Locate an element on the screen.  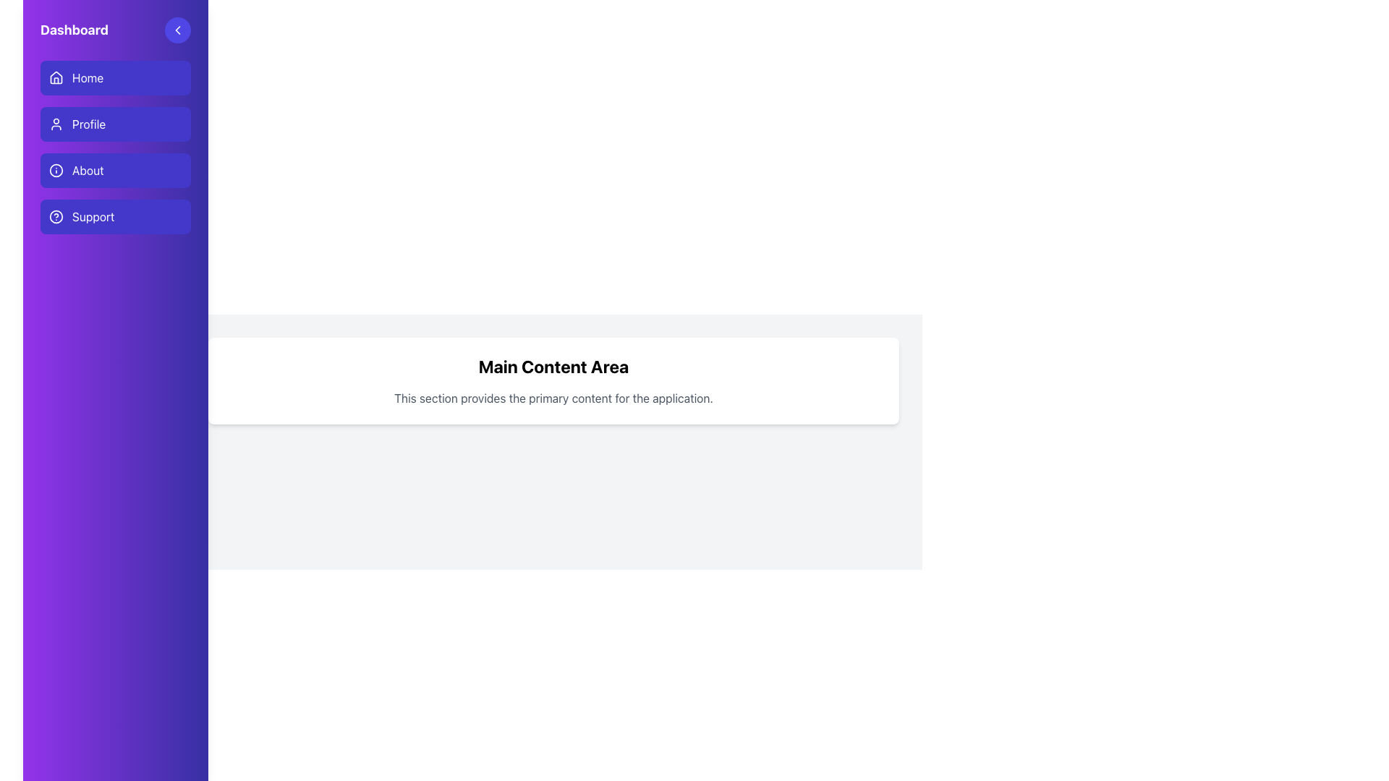
bold textual header displayed in a large font size, centrally positioned within a white rounded rectangle card is located at coordinates (553, 365).